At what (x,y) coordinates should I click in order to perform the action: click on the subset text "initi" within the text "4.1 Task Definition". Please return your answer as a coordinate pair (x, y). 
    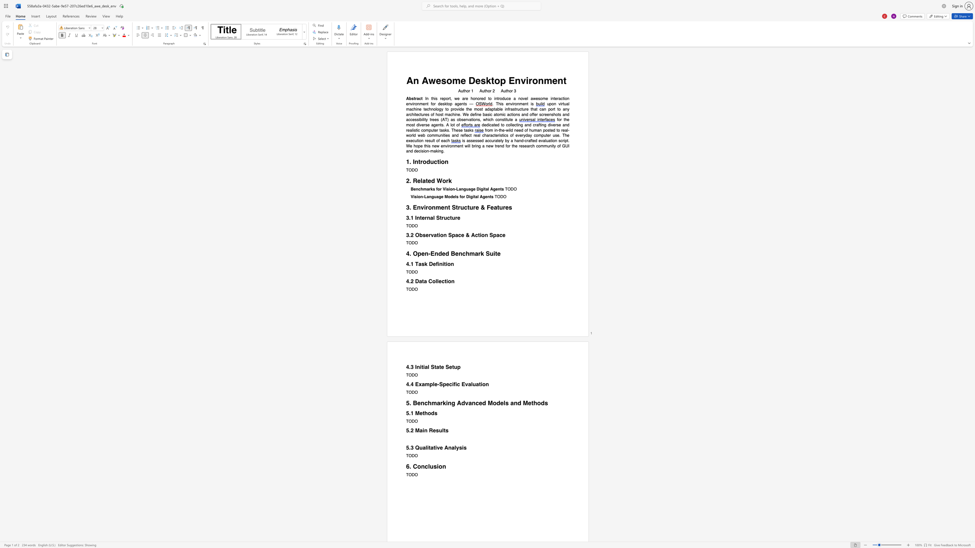
    Looking at the image, I should click on (438, 264).